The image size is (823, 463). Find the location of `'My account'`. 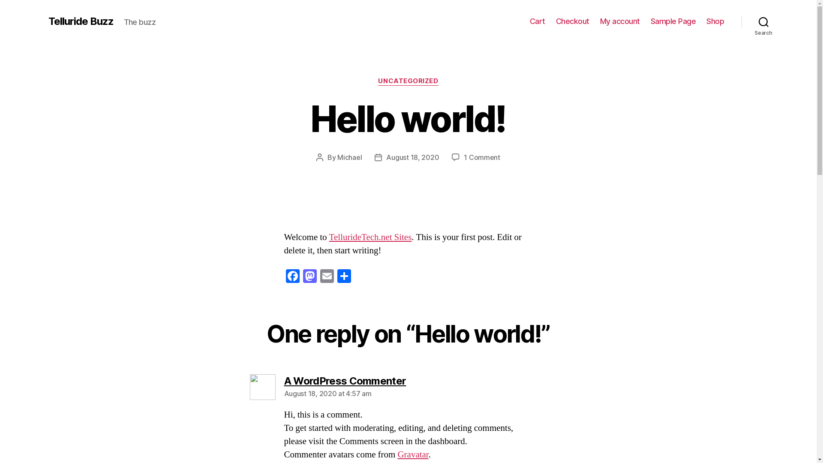

'My account' is located at coordinates (620, 21).